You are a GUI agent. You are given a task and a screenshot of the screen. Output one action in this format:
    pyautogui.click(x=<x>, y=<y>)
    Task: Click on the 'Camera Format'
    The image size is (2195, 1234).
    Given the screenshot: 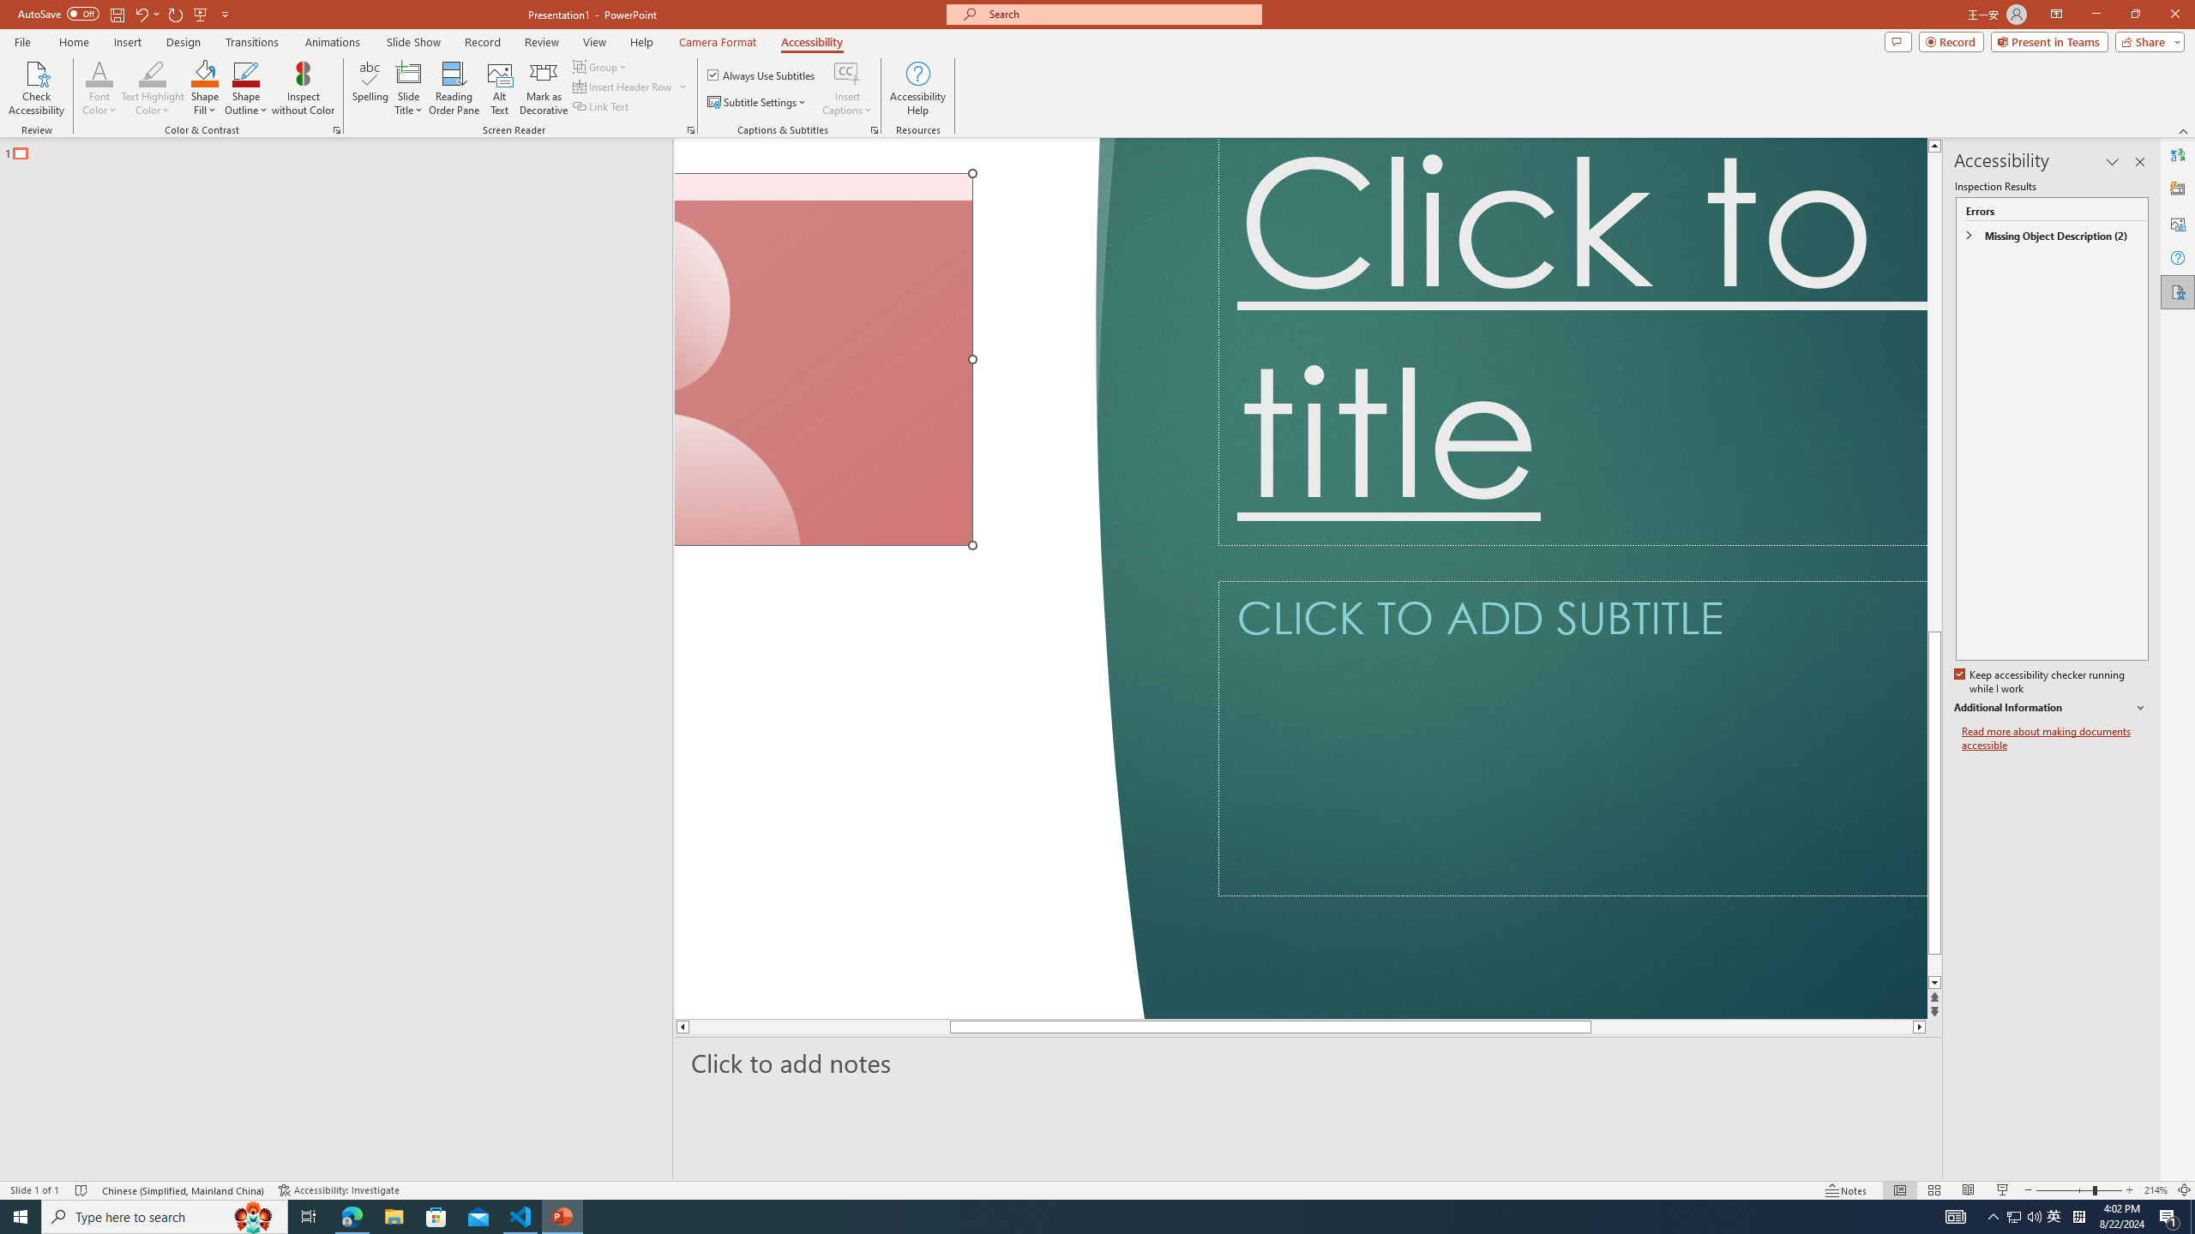 What is the action you would take?
    pyautogui.click(x=717, y=42)
    